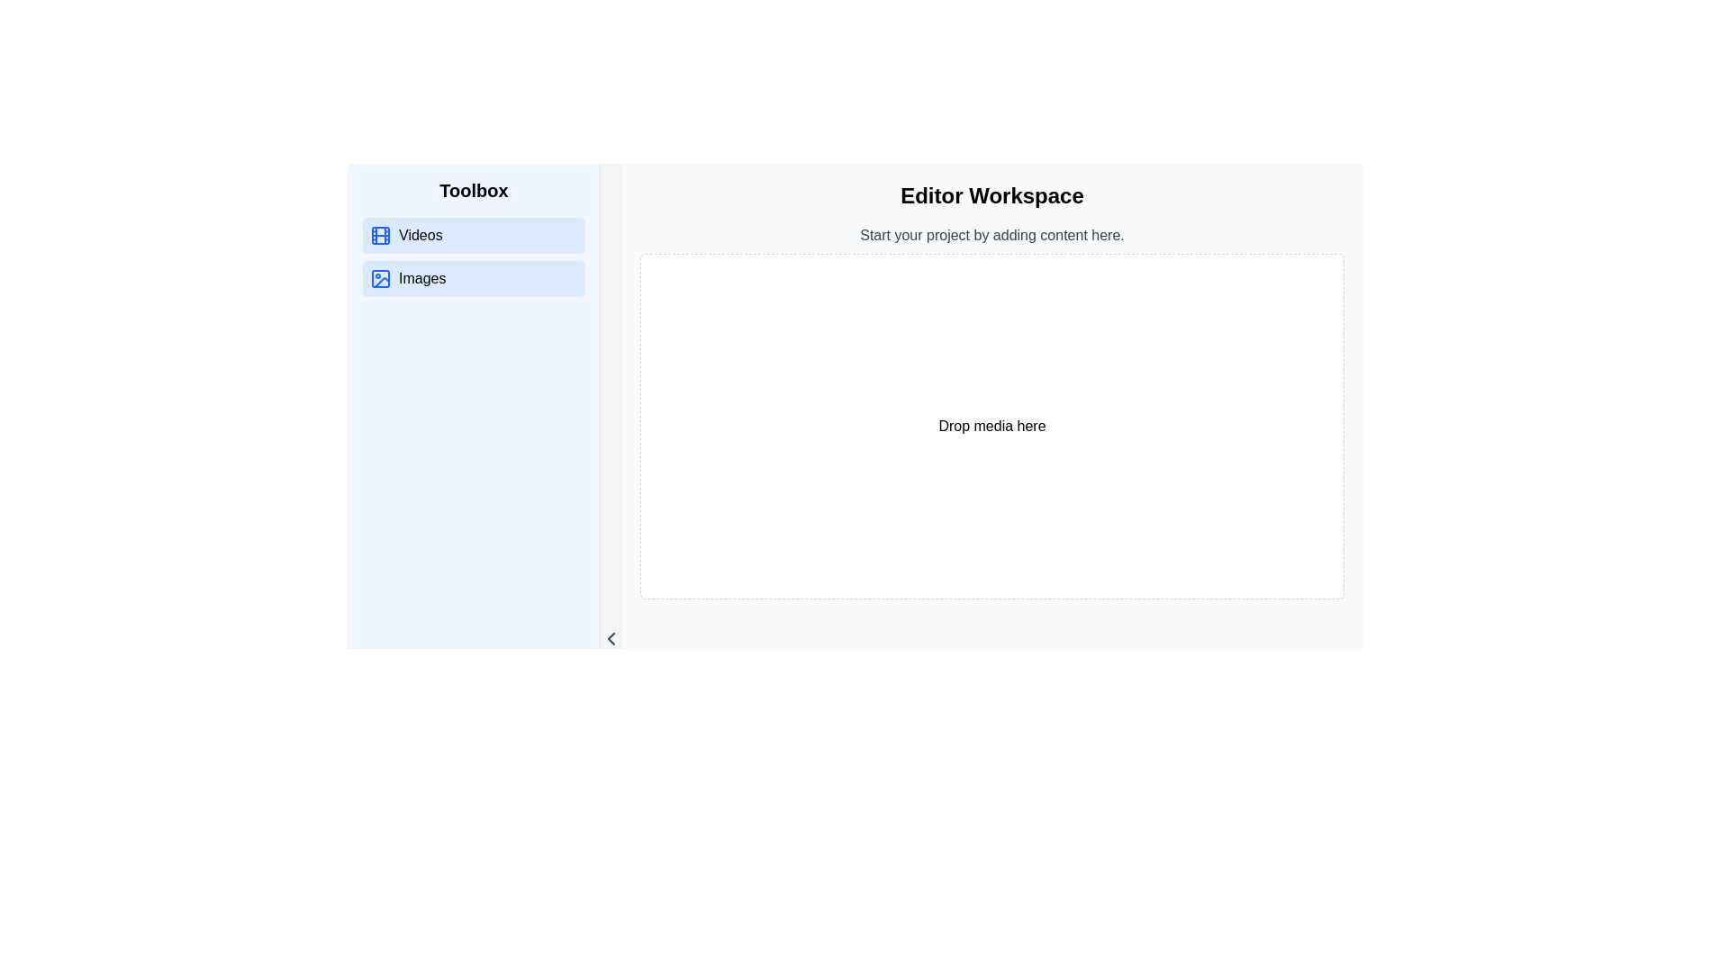  What do you see at coordinates (611, 637) in the screenshot?
I see `the SVG Icon - Navigation Chevron located at the bottom of the left panel to observe the visual change` at bounding box center [611, 637].